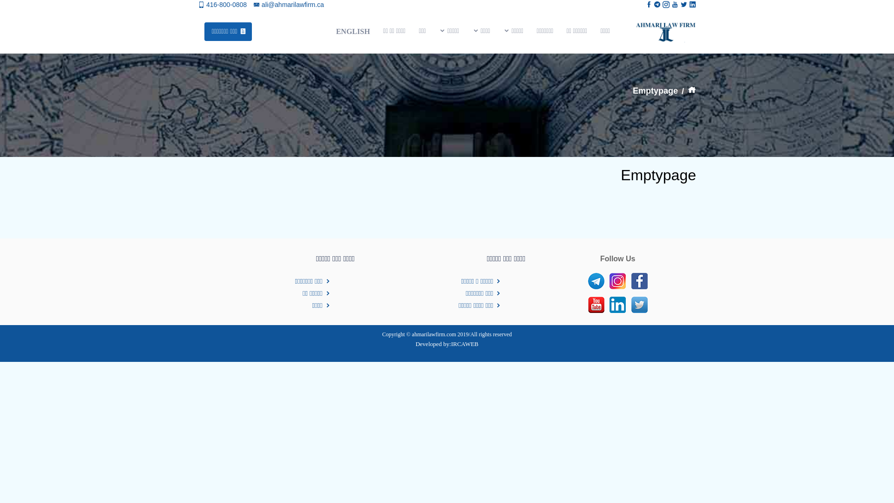 This screenshot has width=894, height=503. Describe the element at coordinates (352, 31) in the screenshot. I see `'ENGLISH'` at that location.